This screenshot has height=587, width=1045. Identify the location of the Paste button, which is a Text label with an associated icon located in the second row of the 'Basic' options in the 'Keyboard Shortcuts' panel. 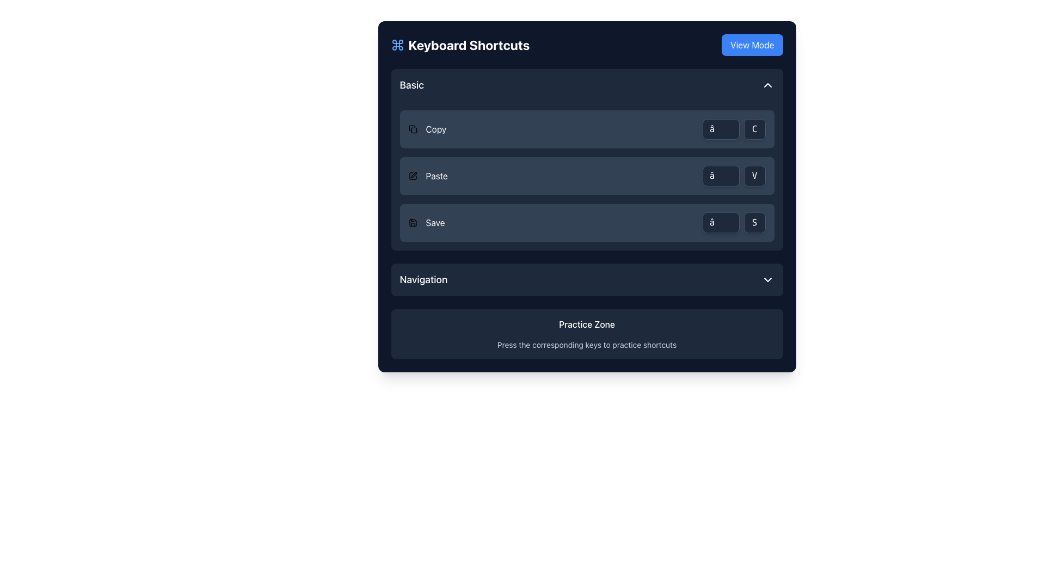
(427, 176).